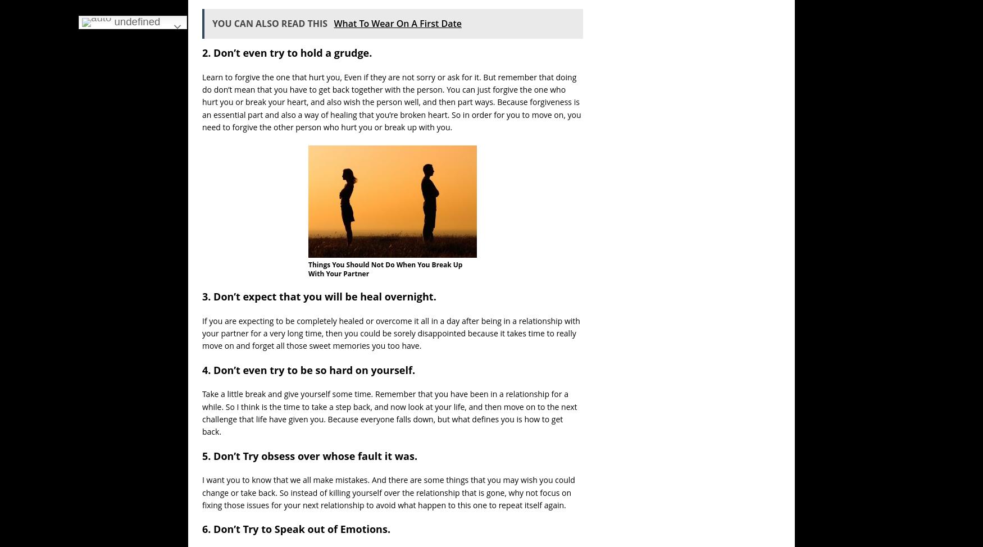 This screenshot has height=547, width=983. What do you see at coordinates (392, 102) in the screenshot?
I see `'Learn to forgive the one that hurt you, Even if they are not sorry or ask for it. But remember that doing do don’t mean that you have to get back together with the person. You can just forgive the one who hurt you or break your heart, and also wish the person well, and then part ways. Because forgiveness is an essential part and also a way of healing that you’re broken heart. So in order for you to move on, you need to forgive the other person who hurt you or break up with you.'` at bounding box center [392, 102].